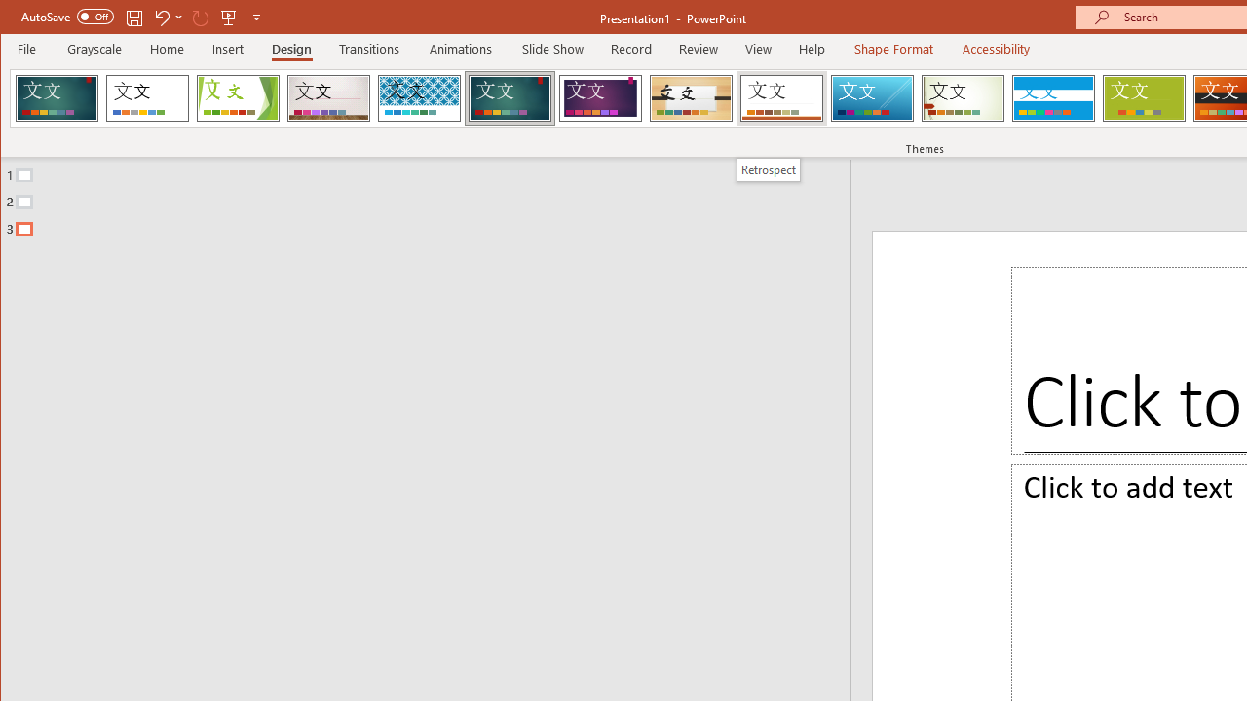 Image resolution: width=1247 pixels, height=701 pixels. What do you see at coordinates (510, 97) in the screenshot?
I see `'Ion'` at bounding box center [510, 97].